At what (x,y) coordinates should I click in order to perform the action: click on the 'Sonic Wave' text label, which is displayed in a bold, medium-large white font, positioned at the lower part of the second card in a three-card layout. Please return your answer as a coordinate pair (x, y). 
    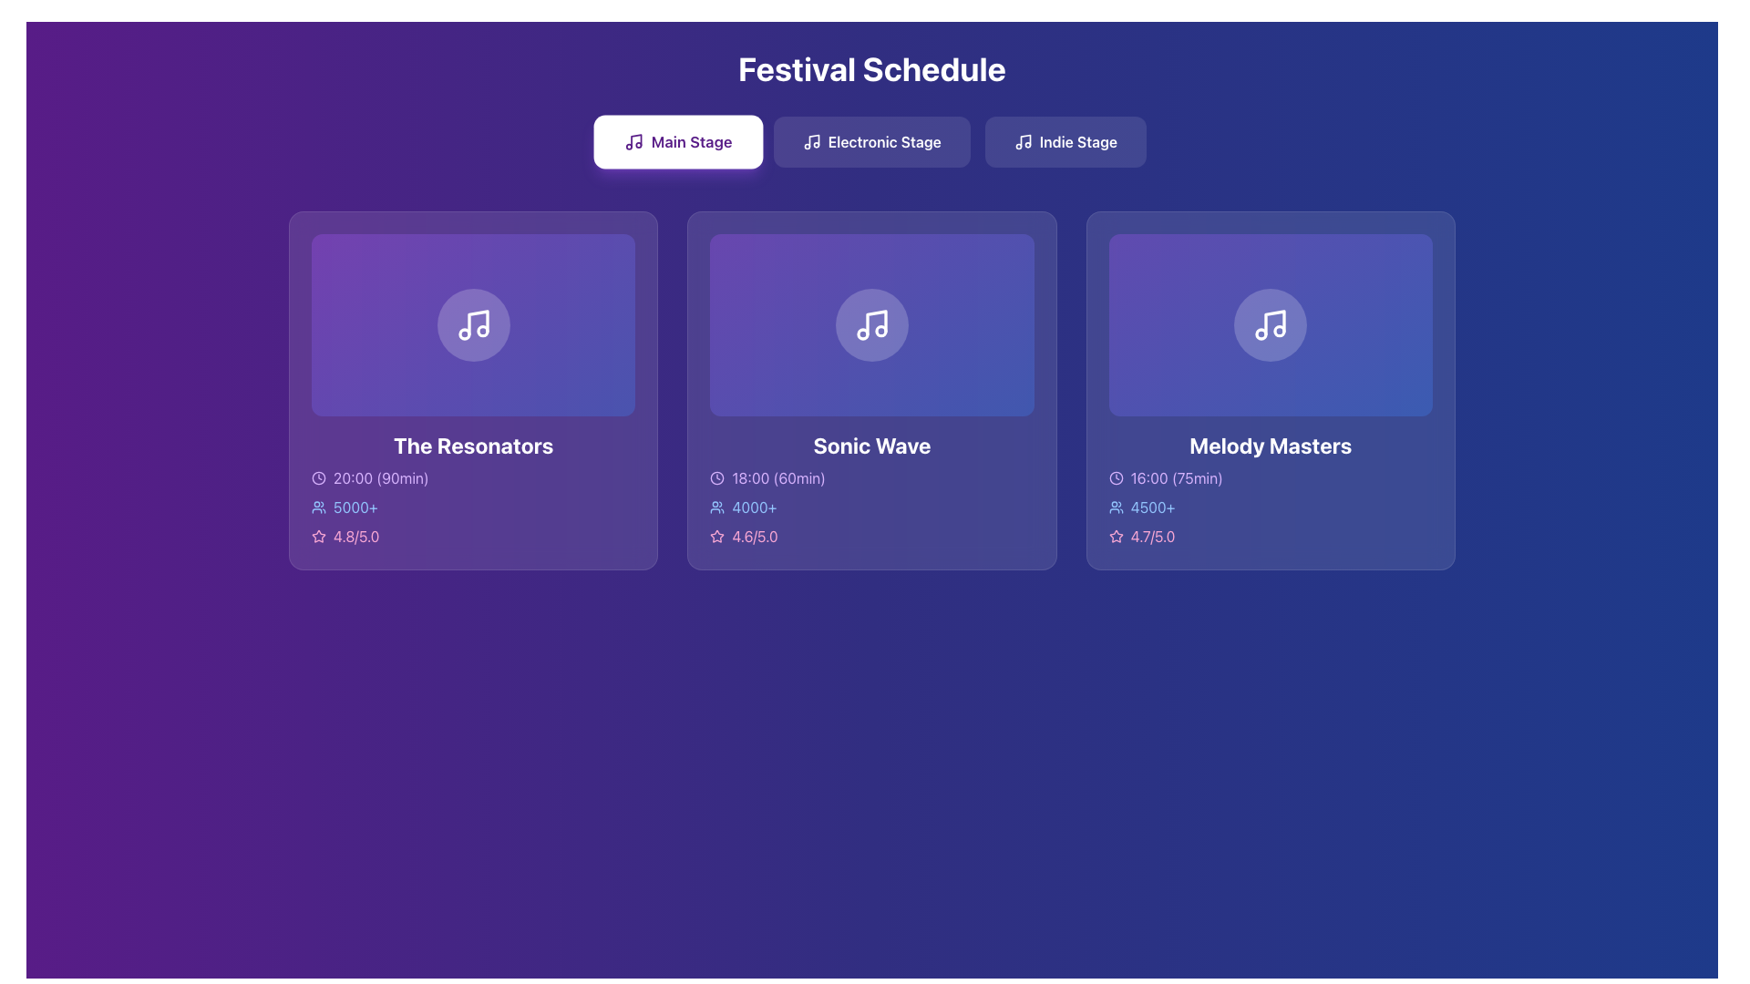
    Looking at the image, I should click on (870, 445).